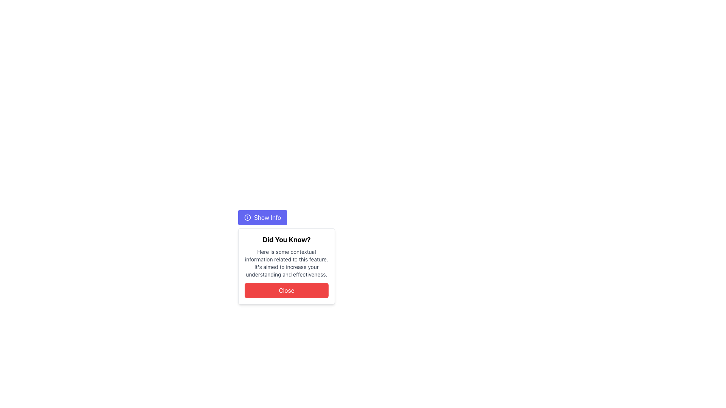  Describe the element at coordinates (286, 290) in the screenshot. I see `the close button located at the bottom of the informational dialog box` at that location.